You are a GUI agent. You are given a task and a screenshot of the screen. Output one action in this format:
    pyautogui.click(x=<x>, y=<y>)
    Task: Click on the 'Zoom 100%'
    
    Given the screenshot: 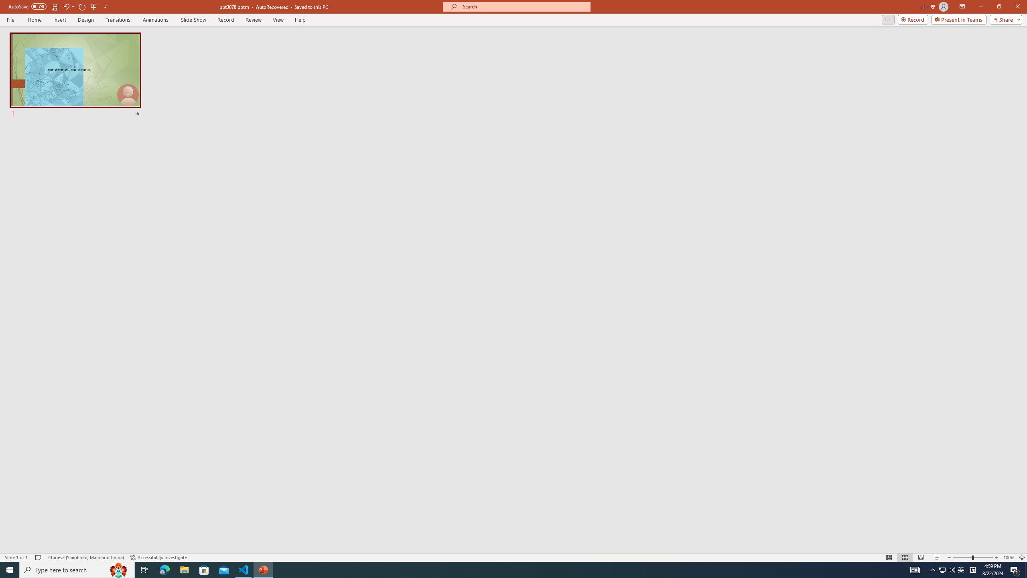 What is the action you would take?
    pyautogui.click(x=1009, y=558)
    